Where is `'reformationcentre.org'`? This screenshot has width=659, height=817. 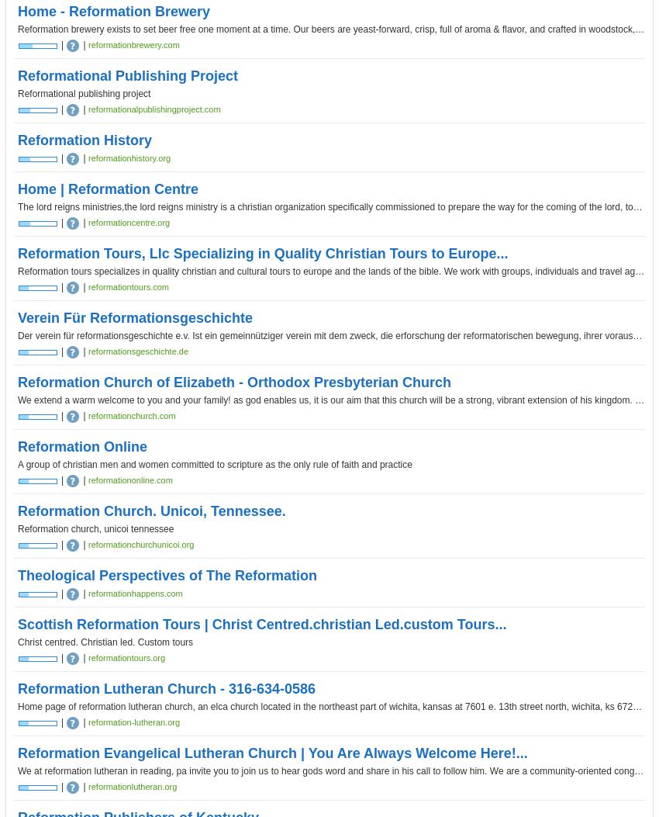
'reformationcentre.org' is located at coordinates (129, 222).